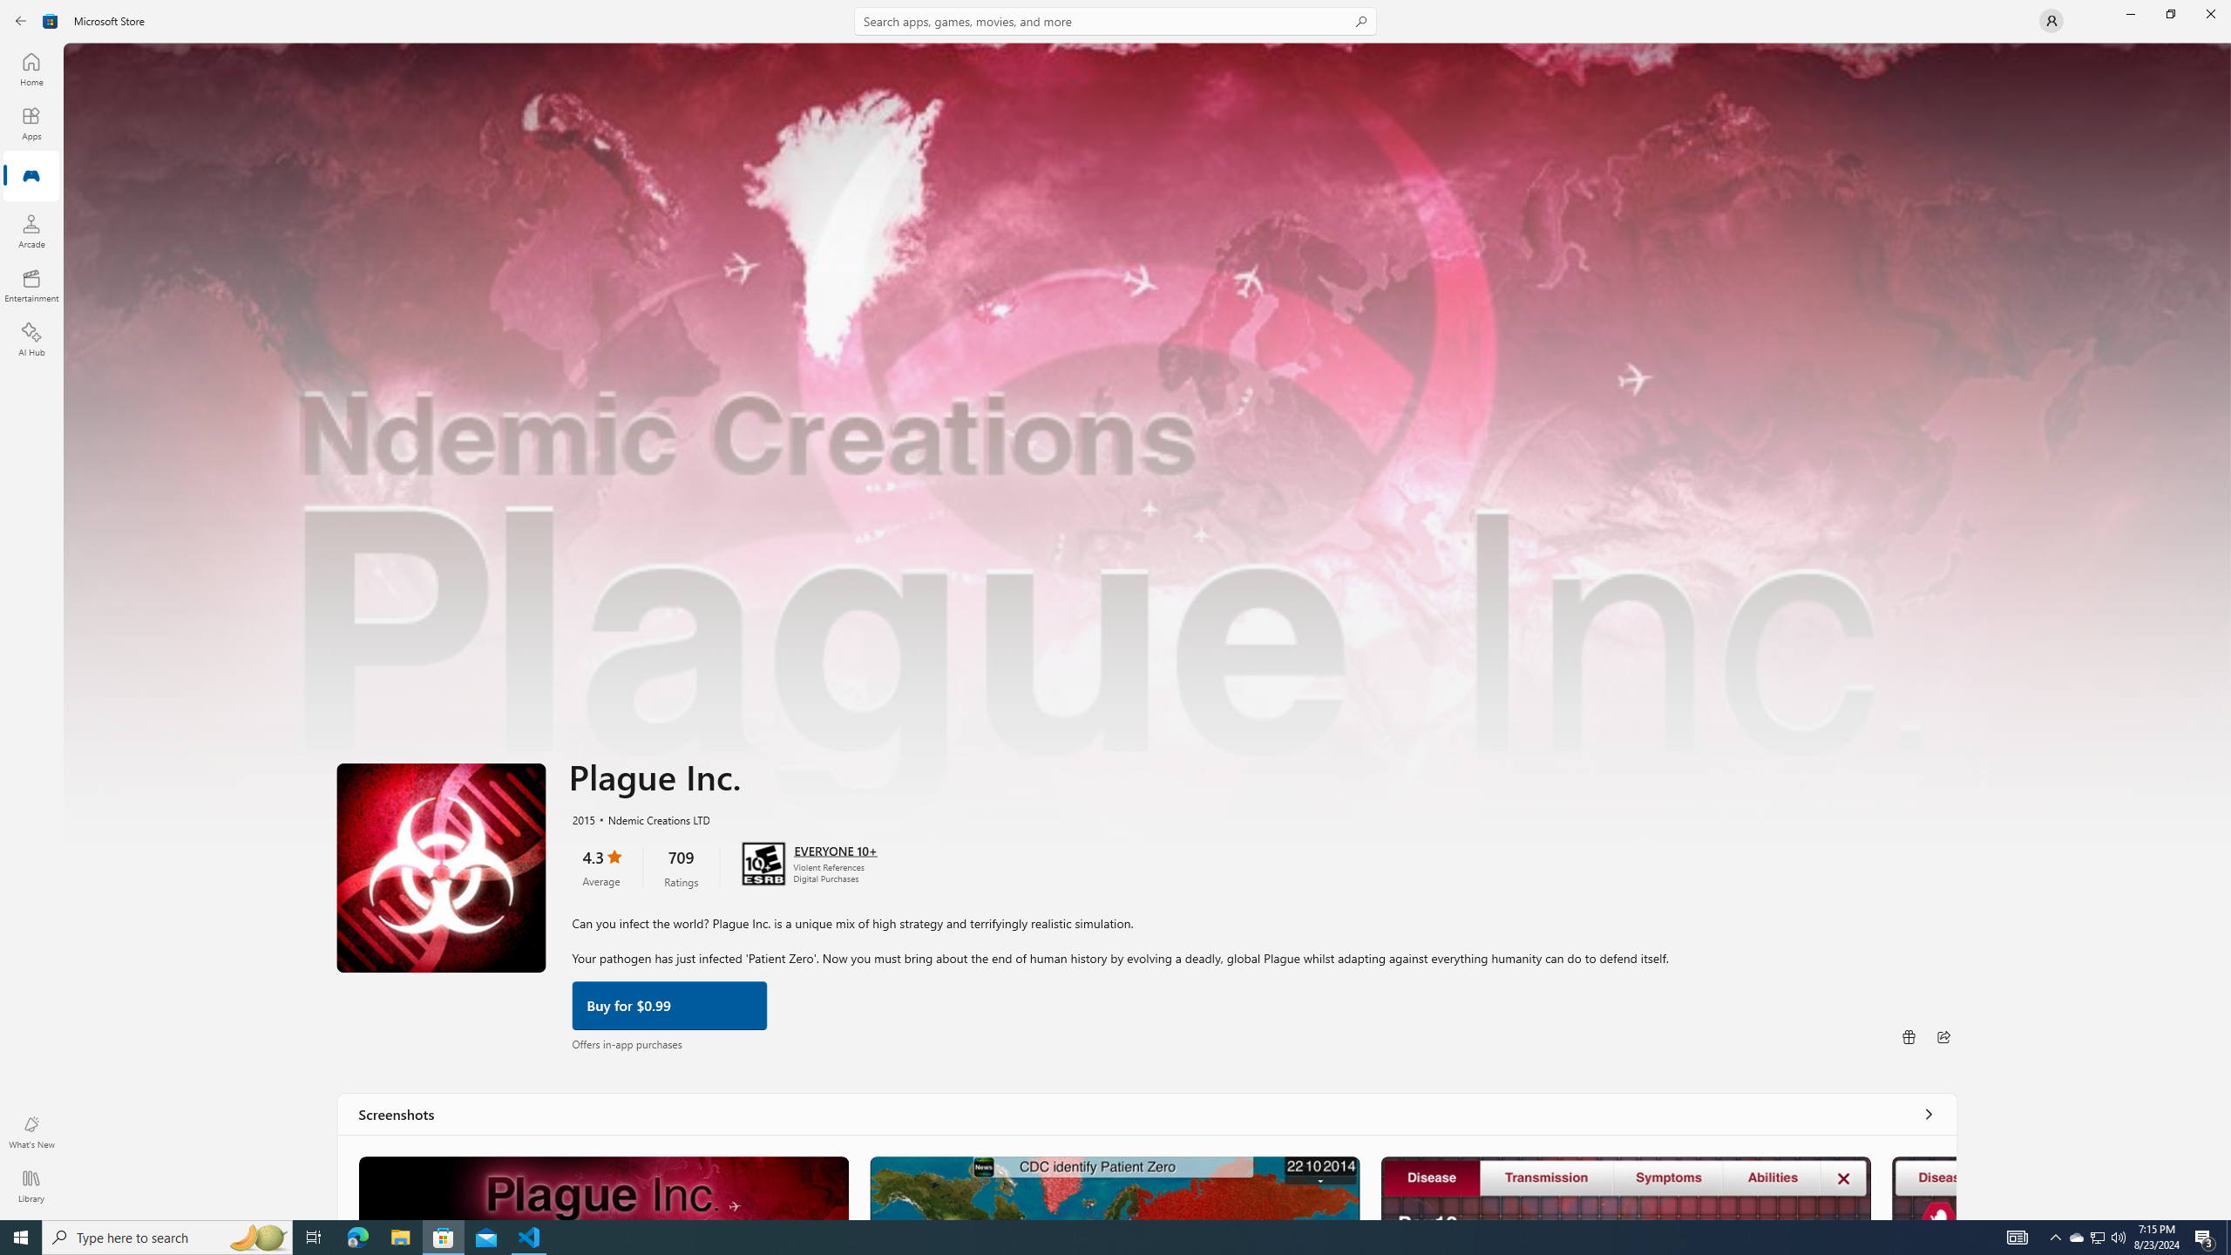 This screenshot has height=1255, width=2231. Describe the element at coordinates (30, 1131) in the screenshot. I see `'What'` at that location.